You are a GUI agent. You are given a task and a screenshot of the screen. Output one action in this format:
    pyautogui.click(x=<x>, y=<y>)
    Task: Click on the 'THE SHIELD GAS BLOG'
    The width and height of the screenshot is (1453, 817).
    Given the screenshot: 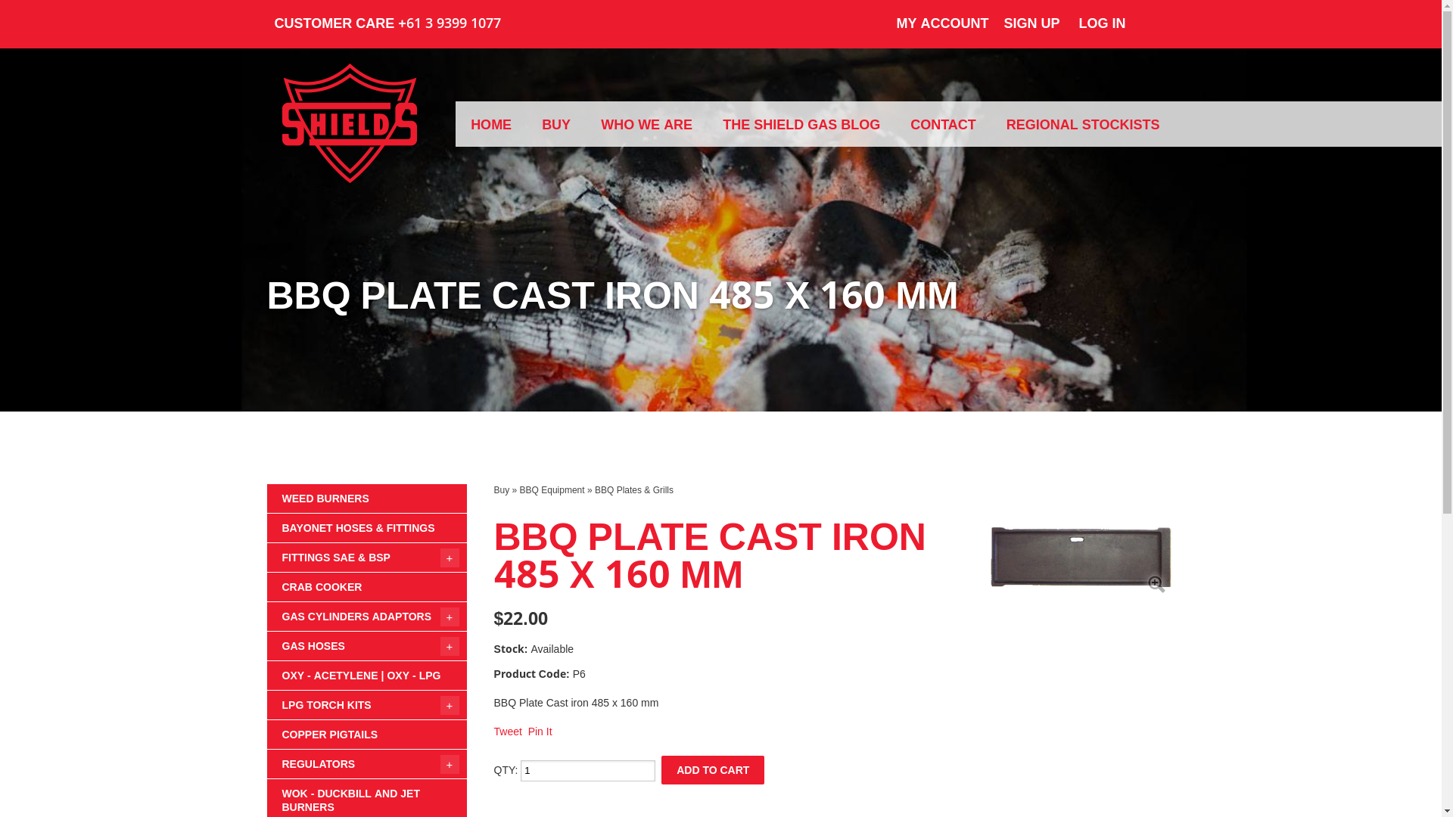 What is the action you would take?
    pyautogui.click(x=801, y=123)
    